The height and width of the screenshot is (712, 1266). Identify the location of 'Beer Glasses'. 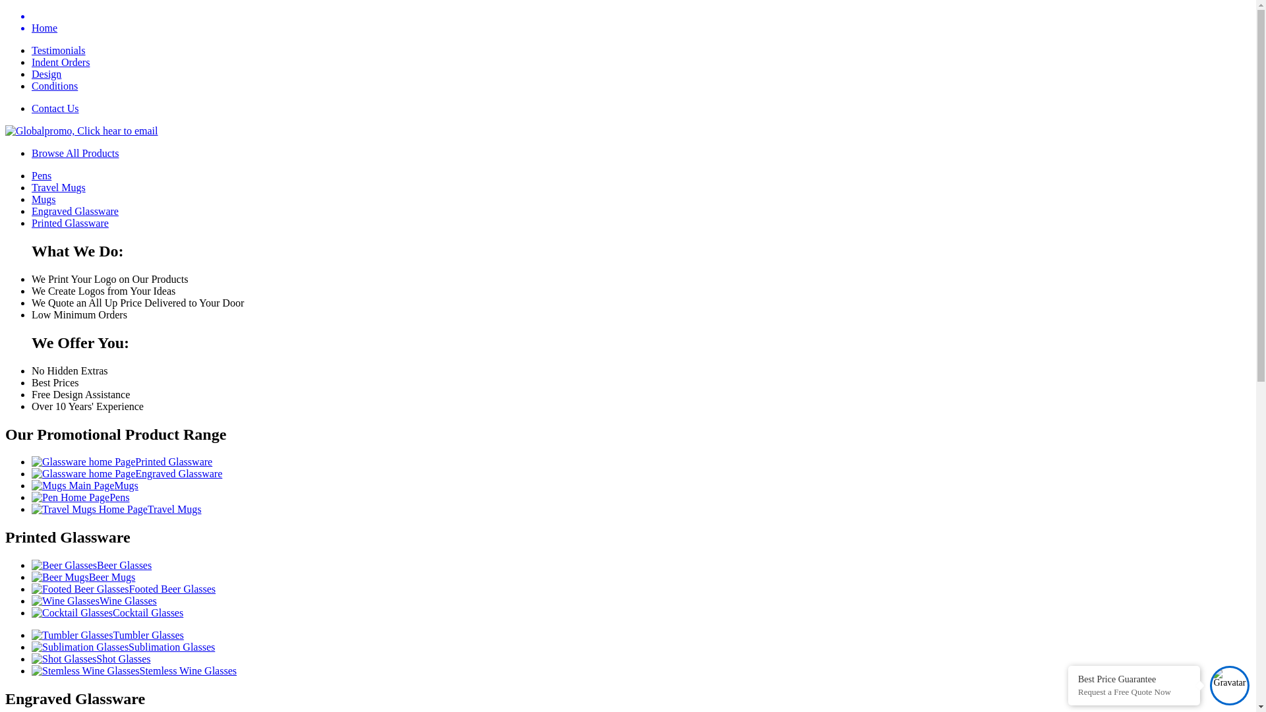
(91, 564).